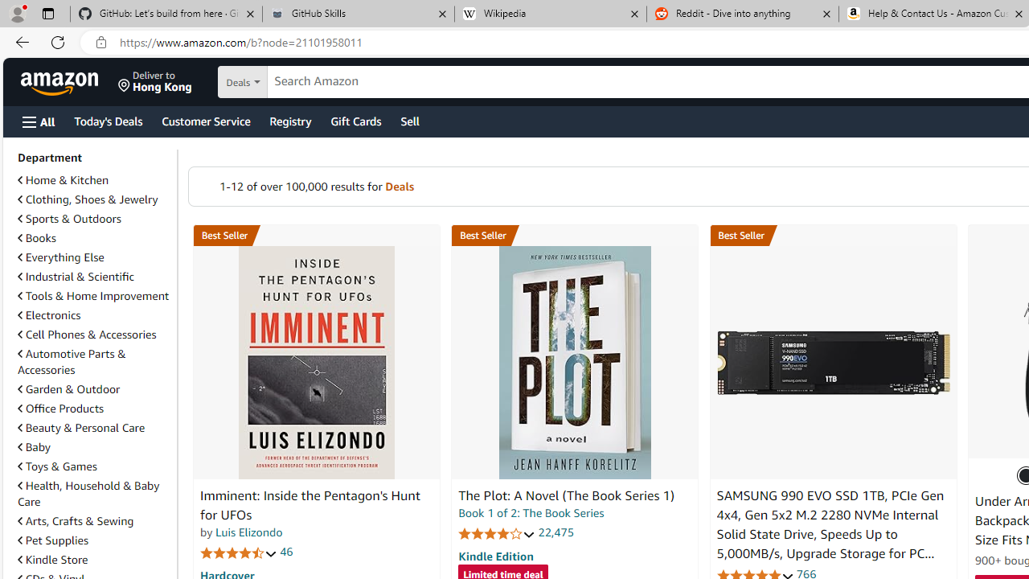 The image size is (1029, 579). What do you see at coordinates (93, 219) in the screenshot?
I see `'Sports & Outdoors'` at bounding box center [93, 219].